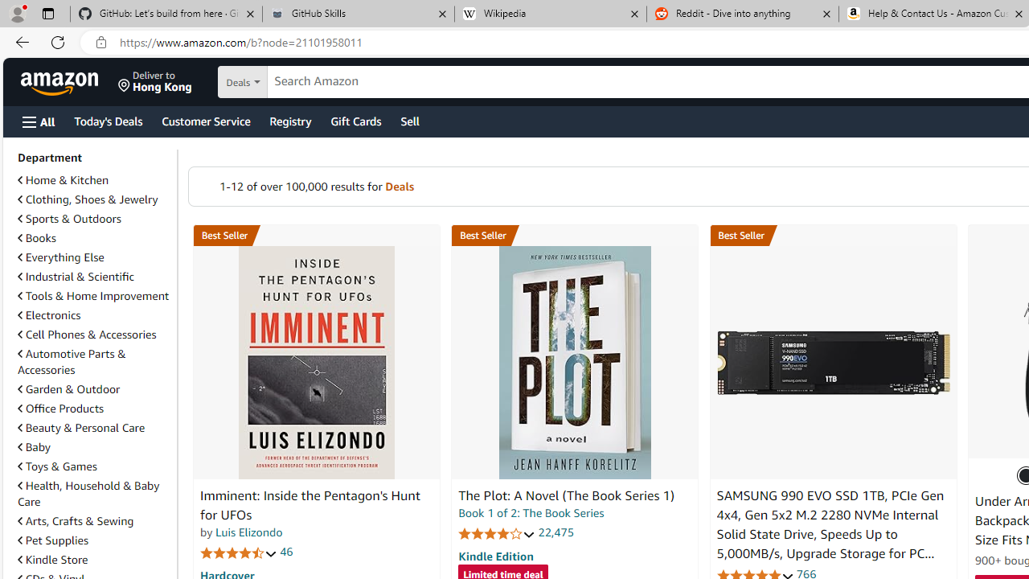 The image size is (1029, 579). What do you see at coordinates (93, 219) in the screenshot?
I see `'Sports & Outdoors'` at bounding box center [93, 219].